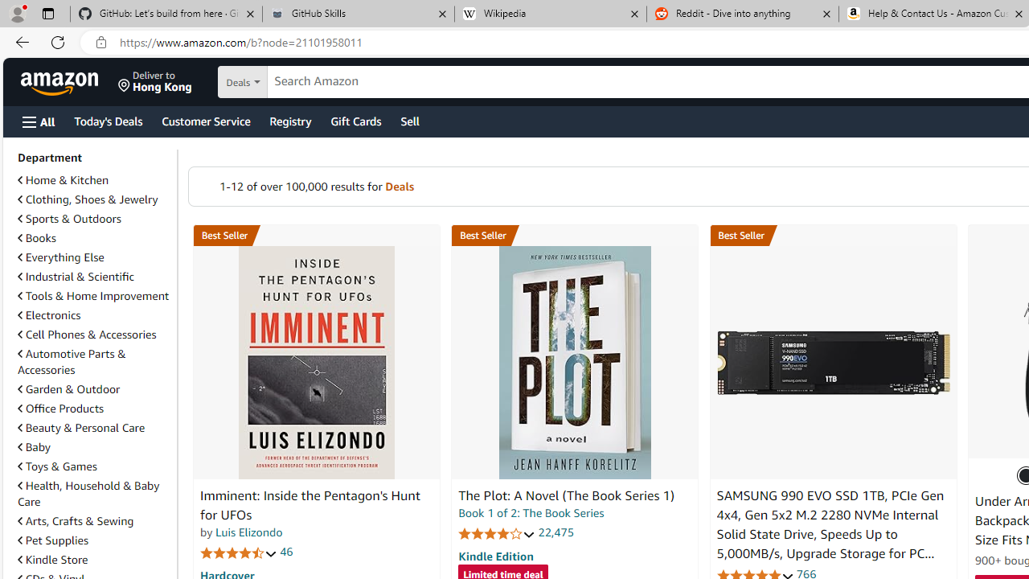 The image size is (1029, 579). What do you see at coordinates (93, 219) in the screenshot?
I see `'Sports & Outdoors'` at bounding box center [93, 219].